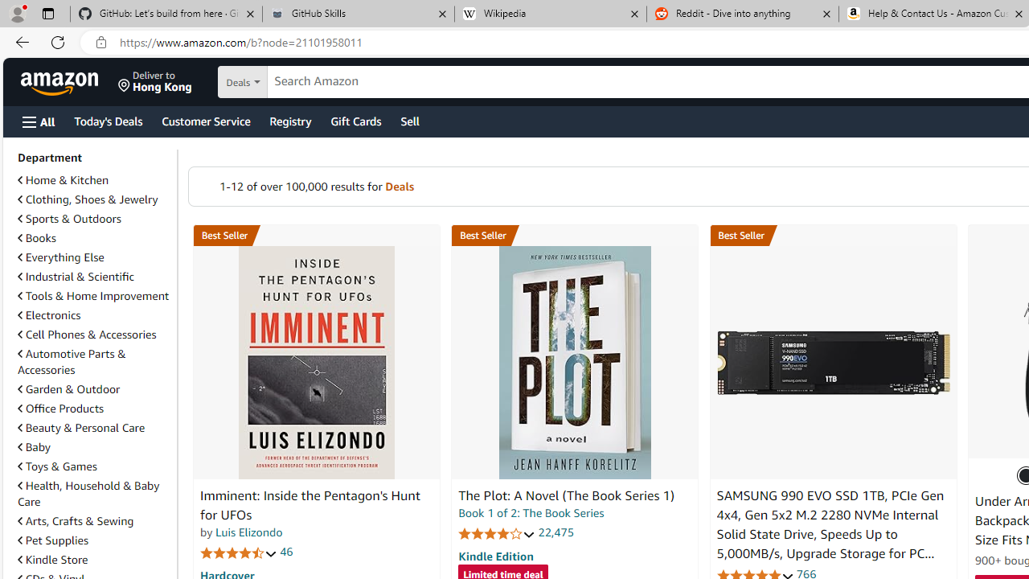 The image size is (1029, 579). What do you see at coordinates (93, 219) in the screenshot?
I see `'Sports & Outdoors'` at bounding box center [93, 219].